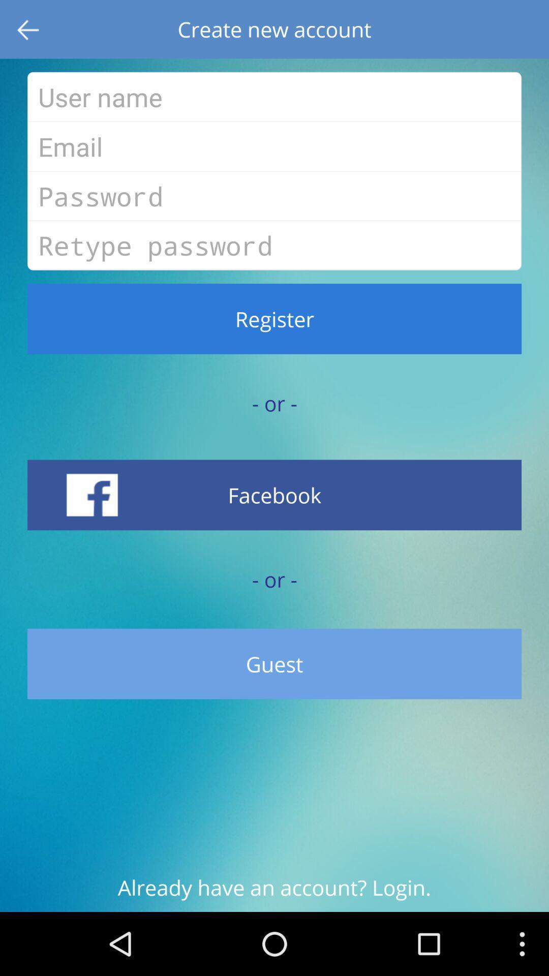 The width and height of the screenshot is (549, 976). What do you see at coordinates (274, 892) in the screenshot?
I see `the already have an item` at bounding box center [274, 892].